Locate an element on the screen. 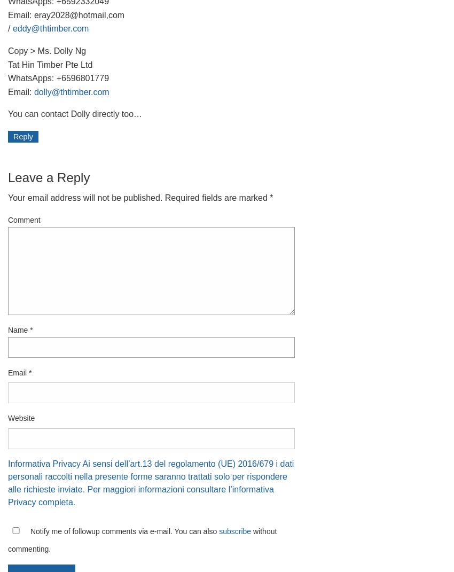 Image resolution: width=454 pixels, height=572 pixels. 'Informativa Privacy
		Ai sensi dell’art.13 del regolamento (UE) 2016/679 i dati personali raccolti nella presente forme saranno trattati solo per rispondere alle richieste inviate.
		Per maggiori informazioni consultare l’informativa Privacy completa.' is located at coordinates (150, 482).